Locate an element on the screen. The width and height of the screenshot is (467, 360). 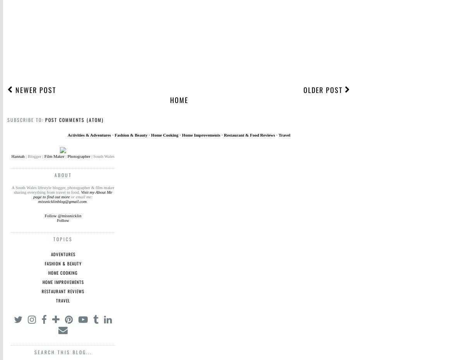
'Adventures' is located at coordinates (63, 254).